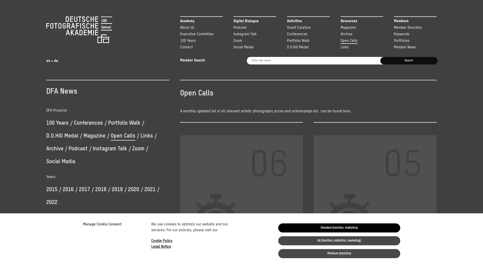 This screenshot has width=483, height=272. What do you see at coordinates (149, 189) in the screenshot?
I see `2021` at bounding box center [149, 189].